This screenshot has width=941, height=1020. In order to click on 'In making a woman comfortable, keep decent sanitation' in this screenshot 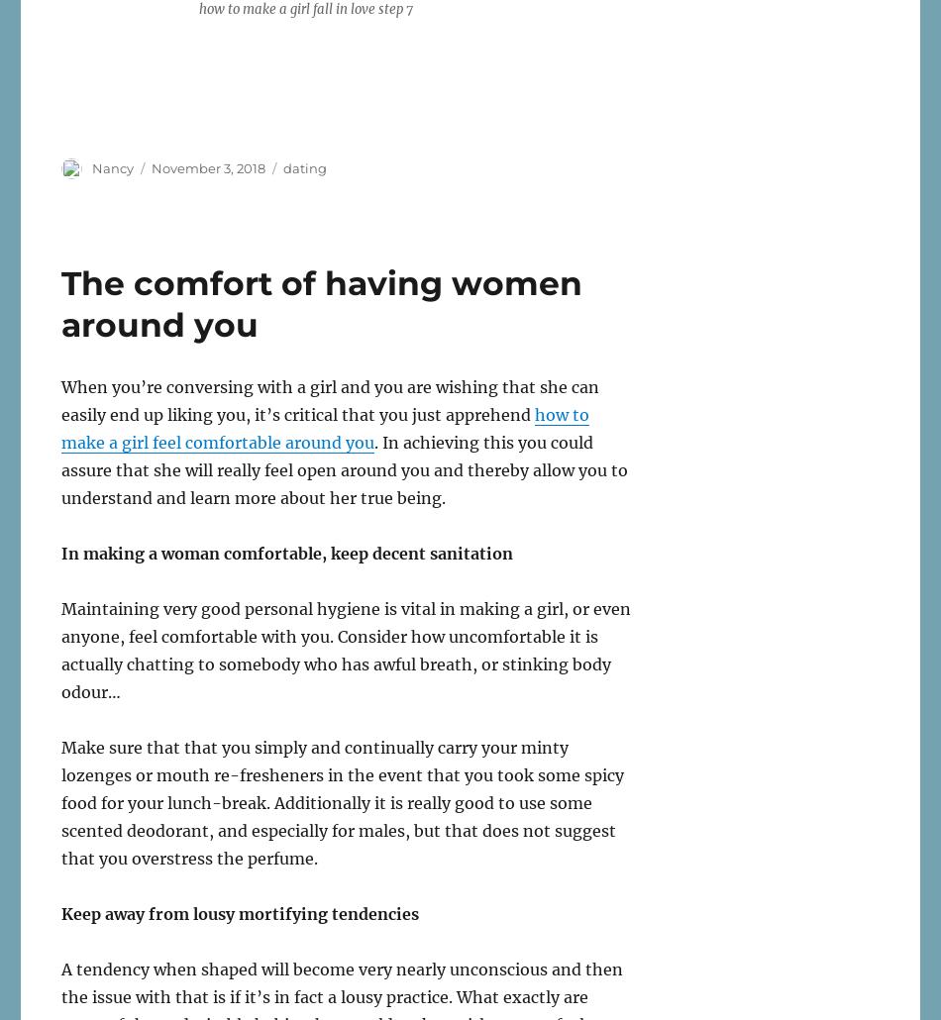, I will do `click(286, 552)`.